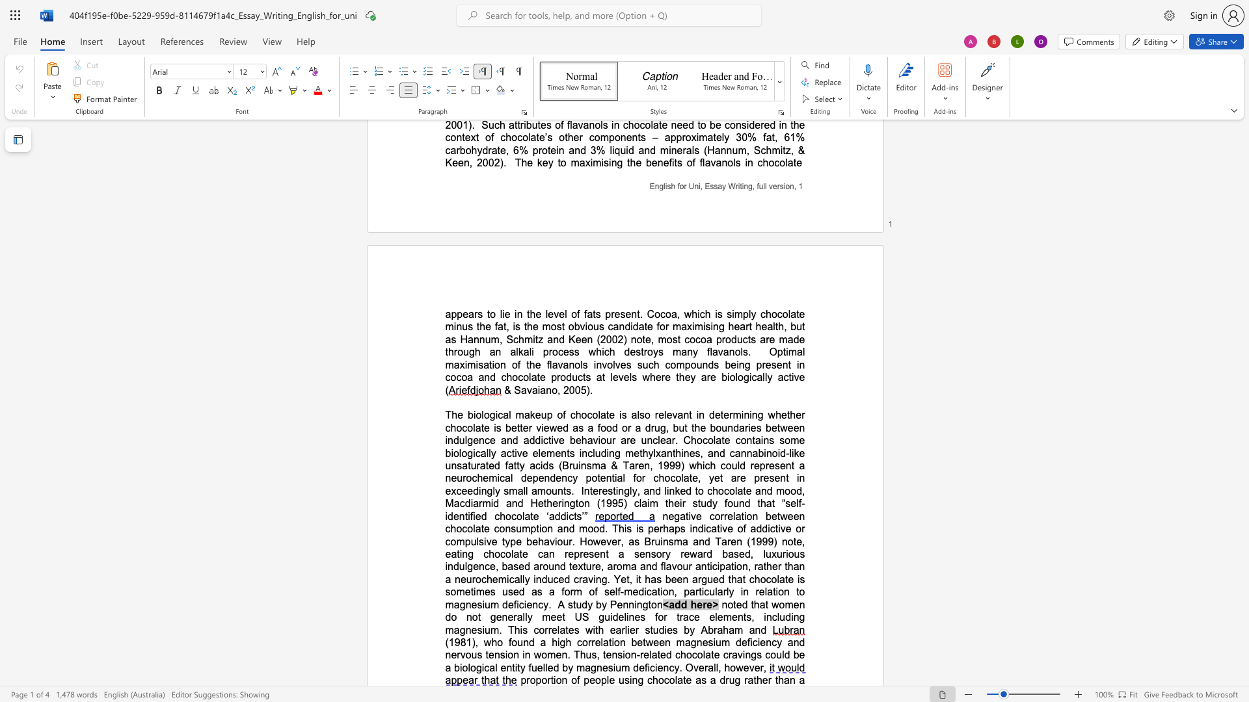  Describe the element at coordinates (695, 465) in the screenshot. I see `the space between the continuous character "w" and "h" in the text` at that location.